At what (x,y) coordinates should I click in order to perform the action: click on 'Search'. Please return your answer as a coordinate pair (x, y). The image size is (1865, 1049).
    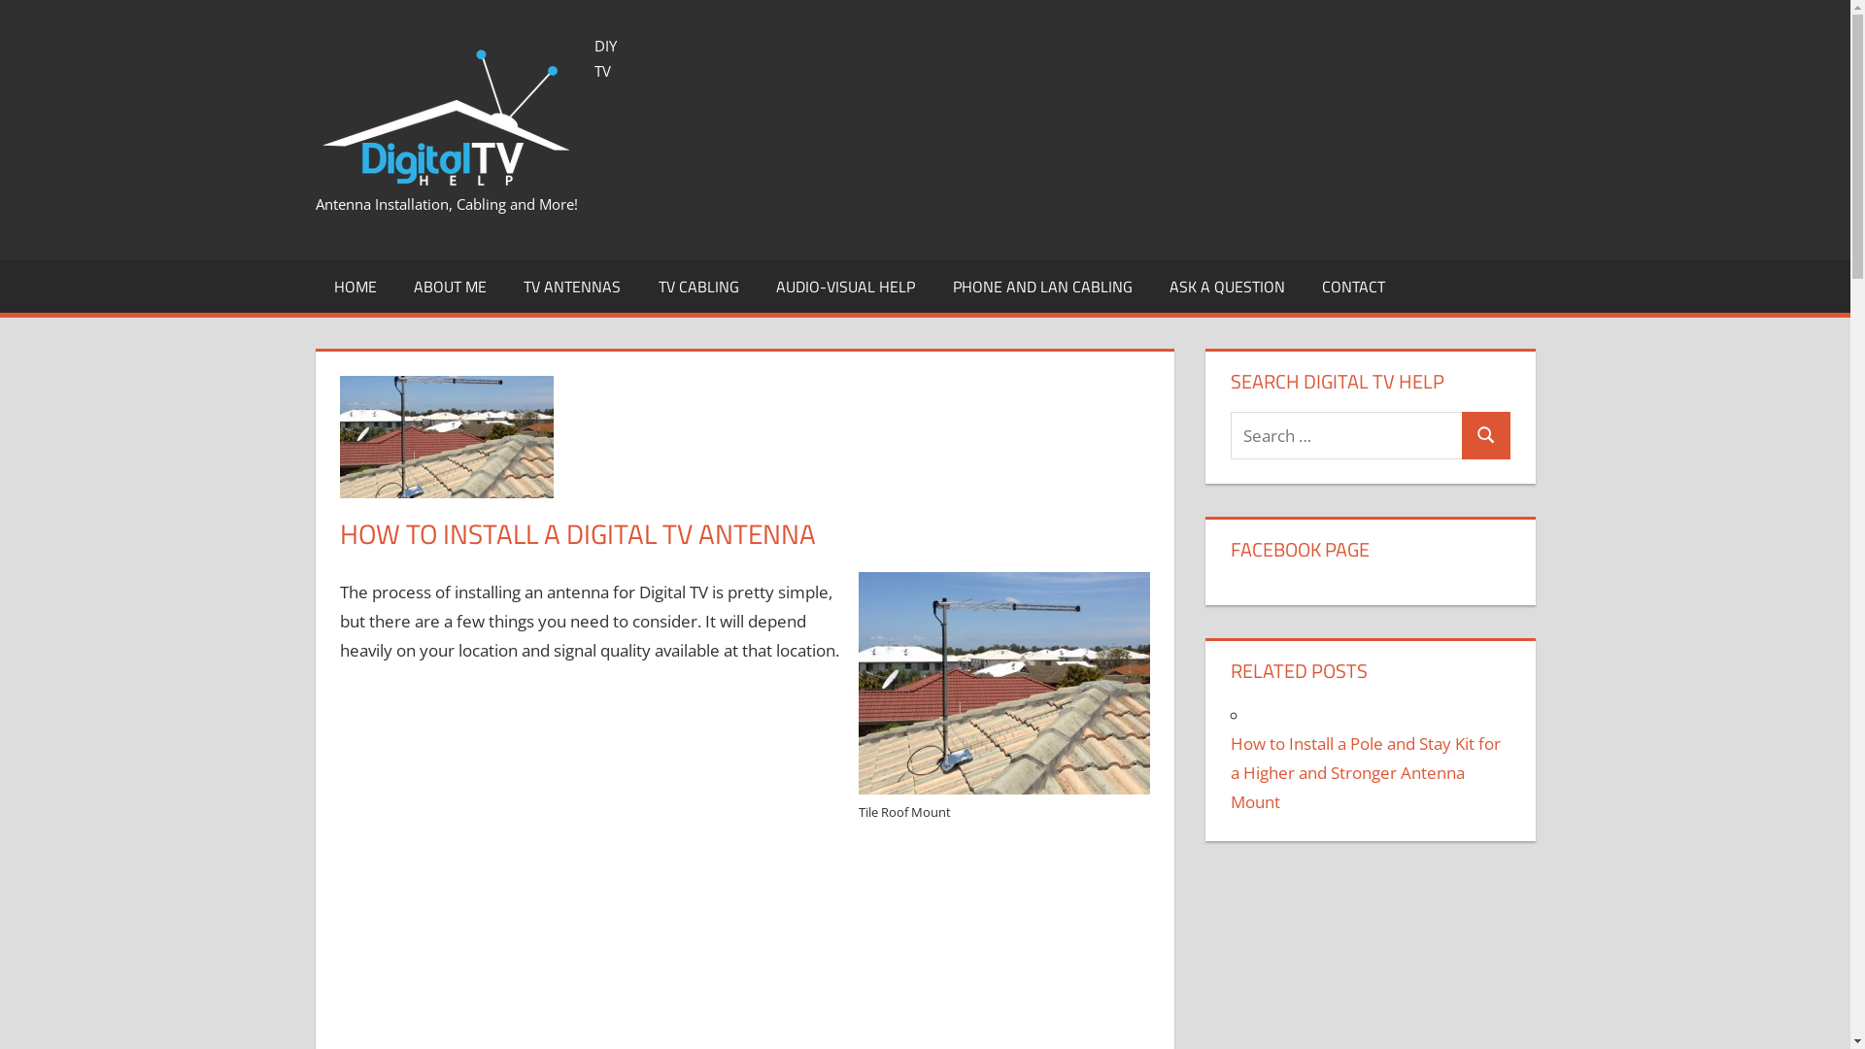
    Looking at the image, I should click on (1485, 434).